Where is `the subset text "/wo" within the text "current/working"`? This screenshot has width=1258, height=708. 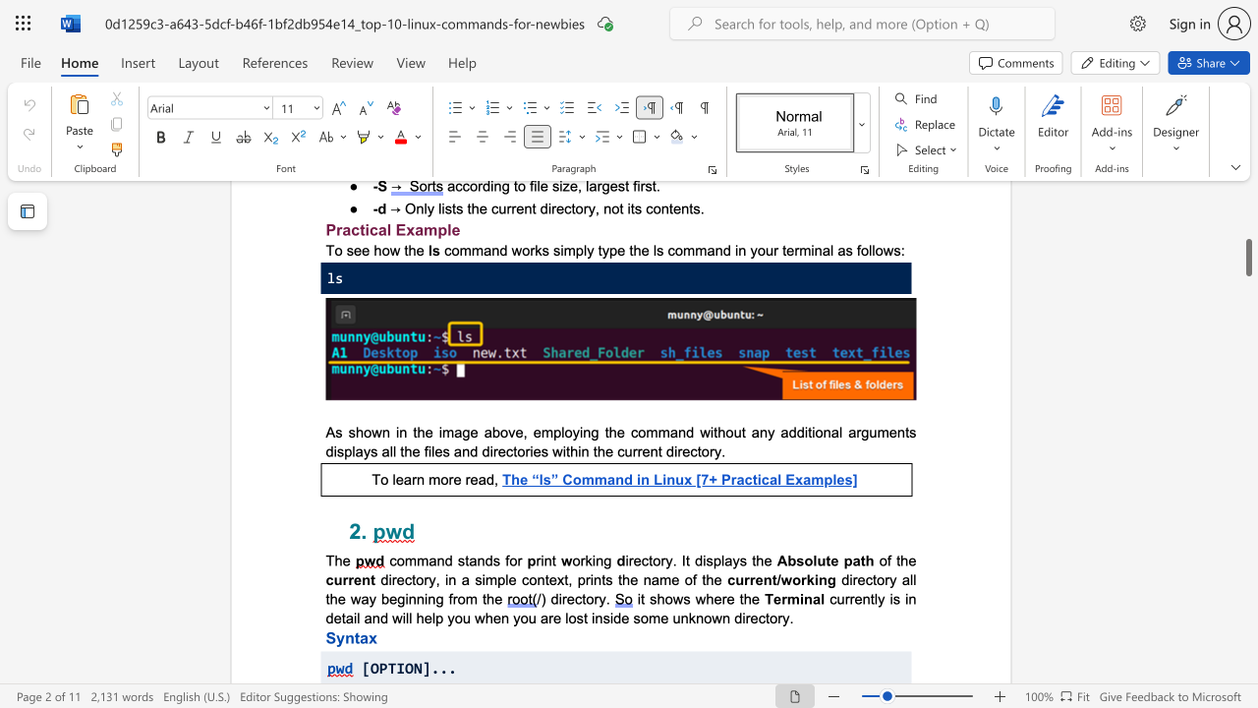
the subset text "/wo" within the text "current/working" is located at coordinates (775, 578).